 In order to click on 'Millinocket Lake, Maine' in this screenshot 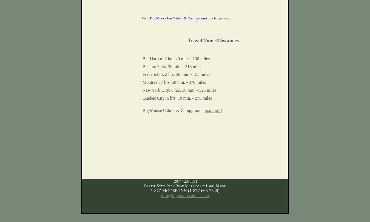, I will do `click(205, 185)`.